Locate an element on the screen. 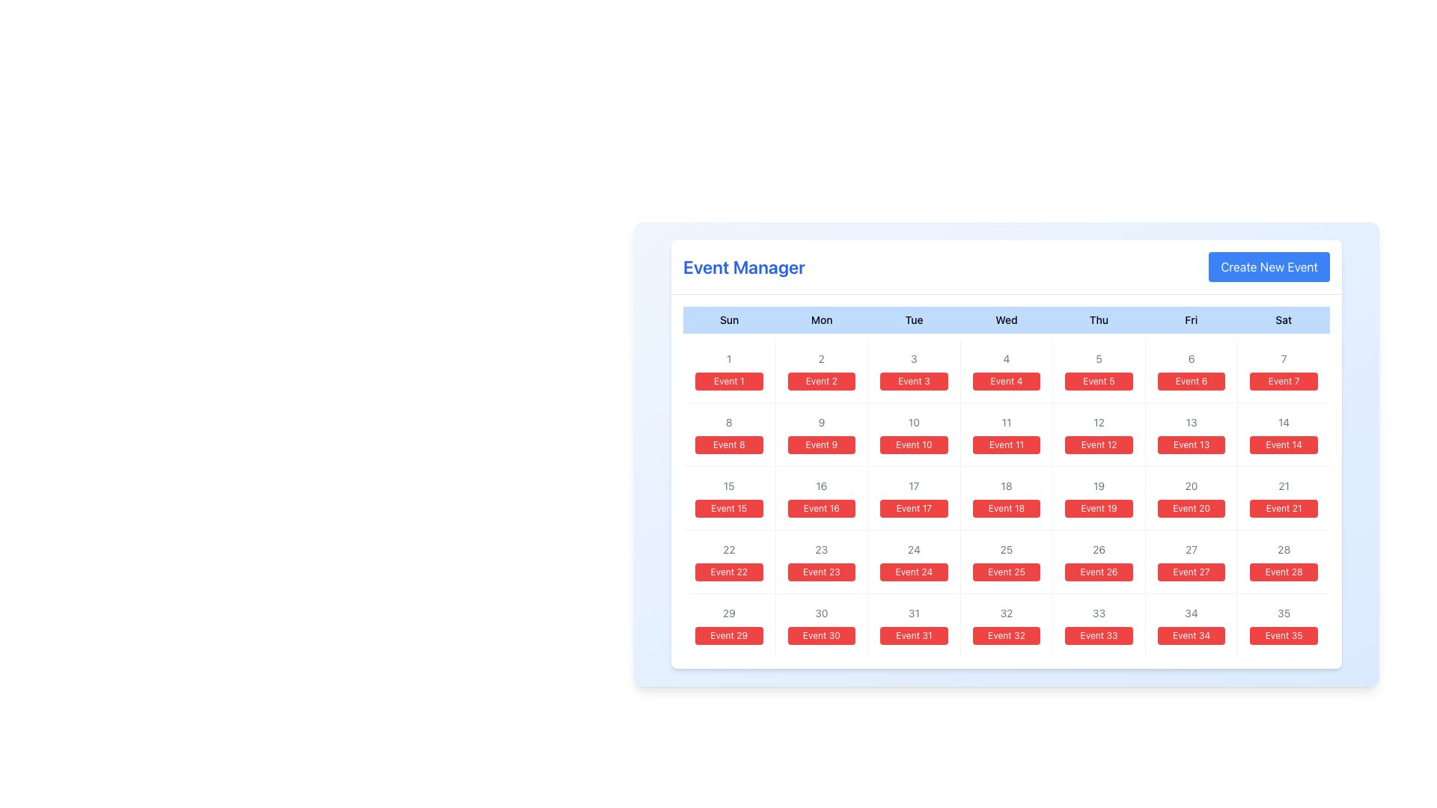 The height and width of the screenshot is (808, 1437). the calendar day cell representing Friday in the Event Manager, allowing for keyboard navigation is located at coordinates (1191, 370).